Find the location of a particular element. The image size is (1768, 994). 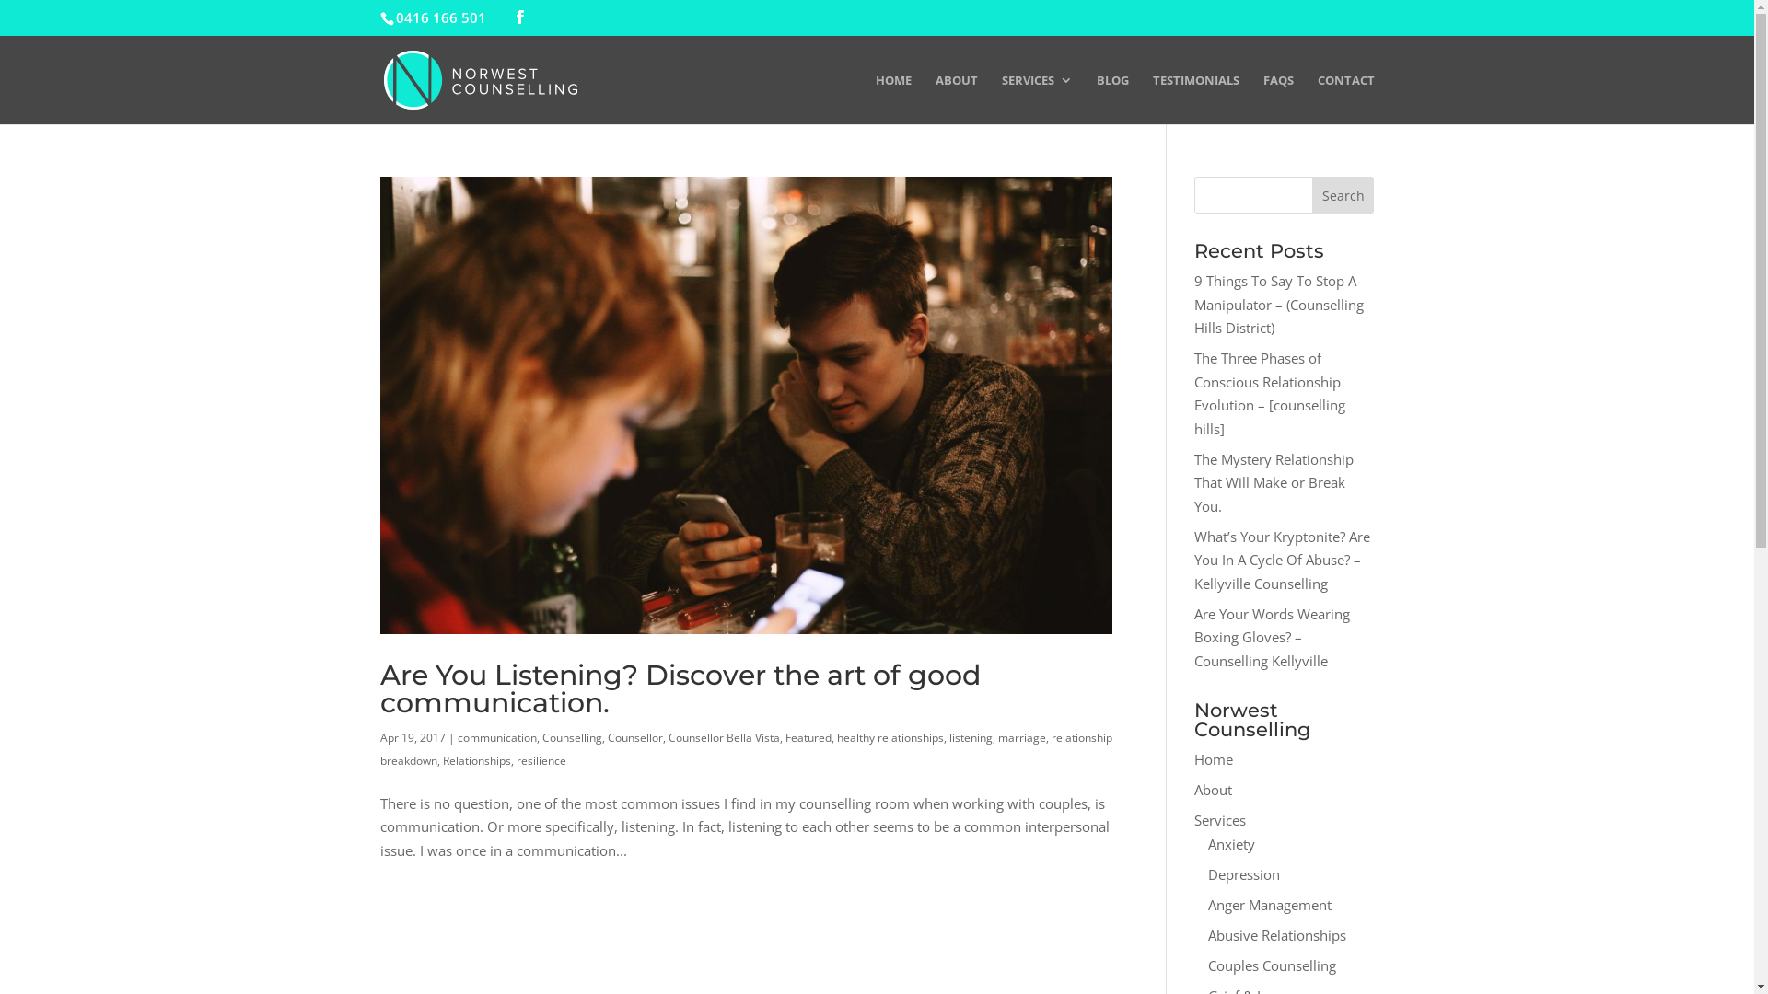

'Counsellor' is located at coordinates (635, 736).